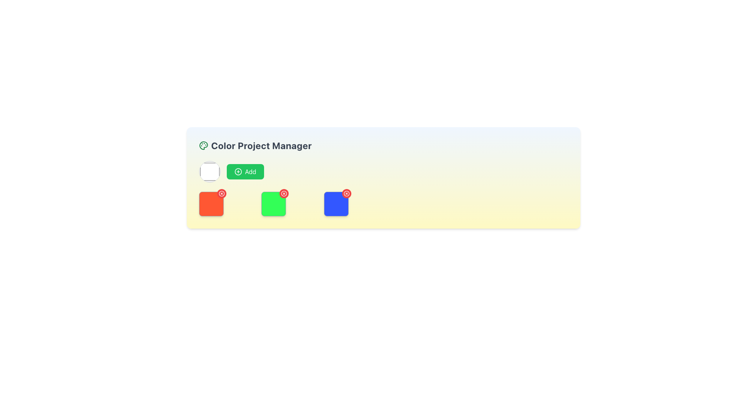 This screenshot has height=415, width=738. I want to click on the 'remove' button located in the top-right corner of the green tile item, so click(284, 193).